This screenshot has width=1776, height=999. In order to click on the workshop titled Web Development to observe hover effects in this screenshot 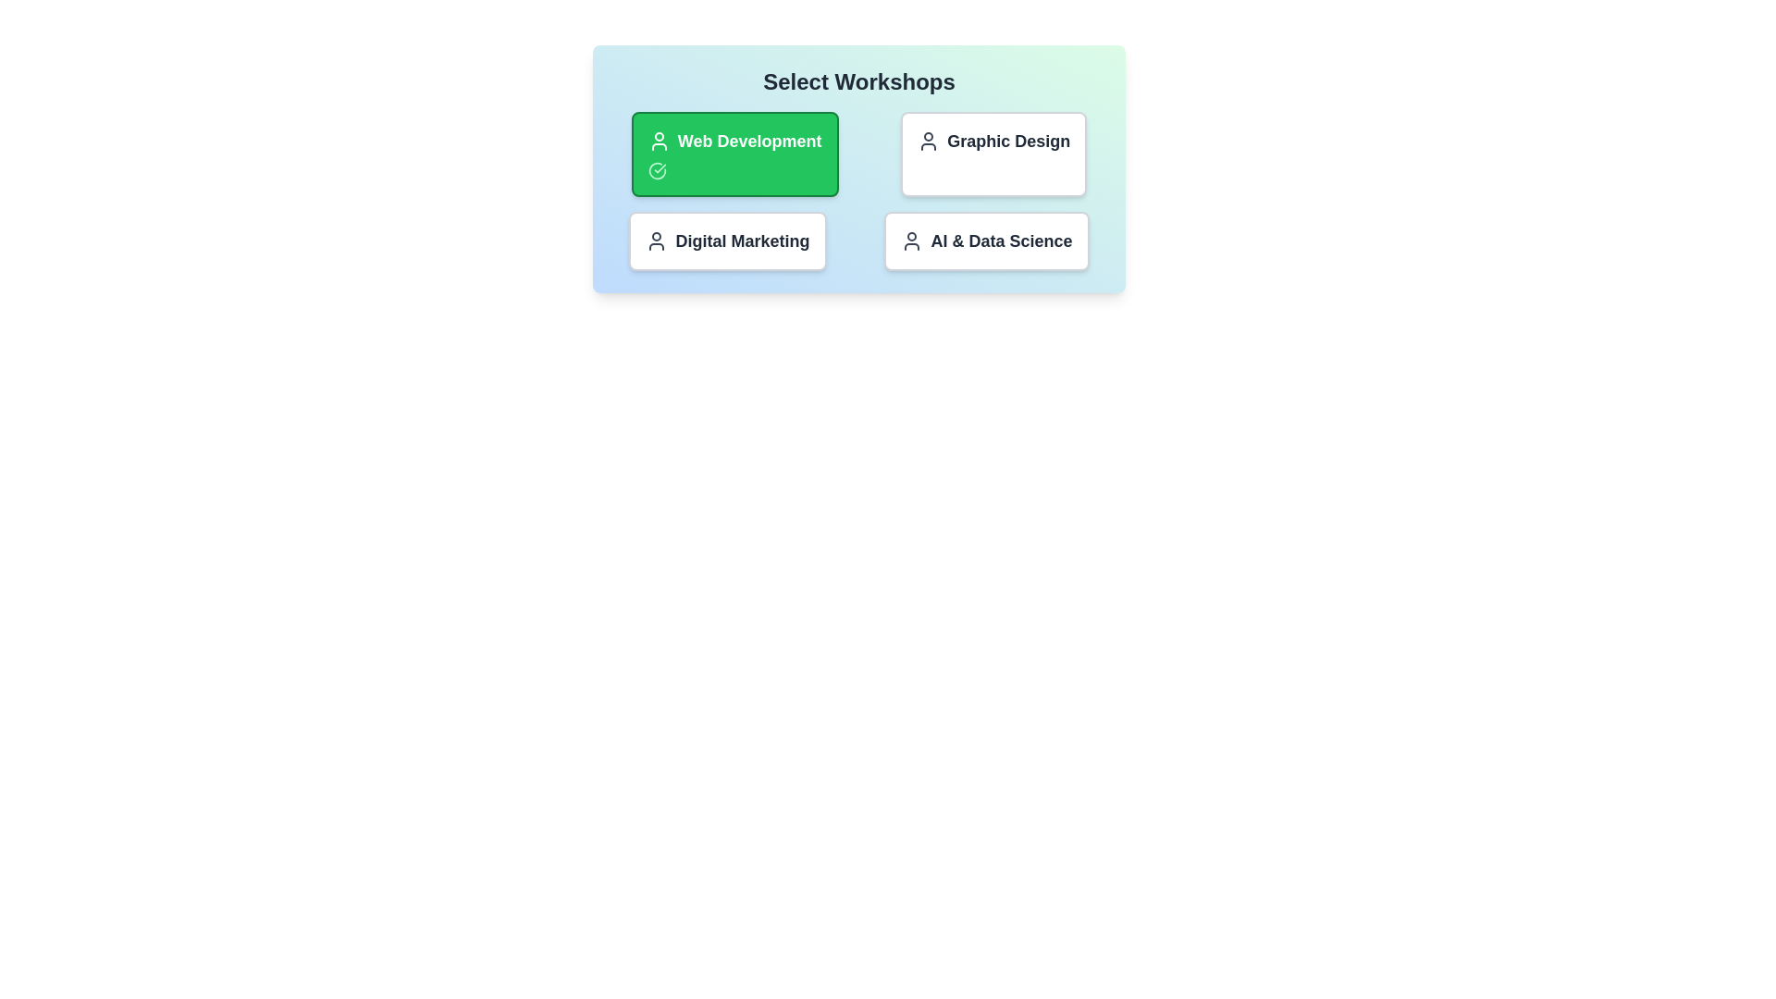, I will do `click(734, 153)`.